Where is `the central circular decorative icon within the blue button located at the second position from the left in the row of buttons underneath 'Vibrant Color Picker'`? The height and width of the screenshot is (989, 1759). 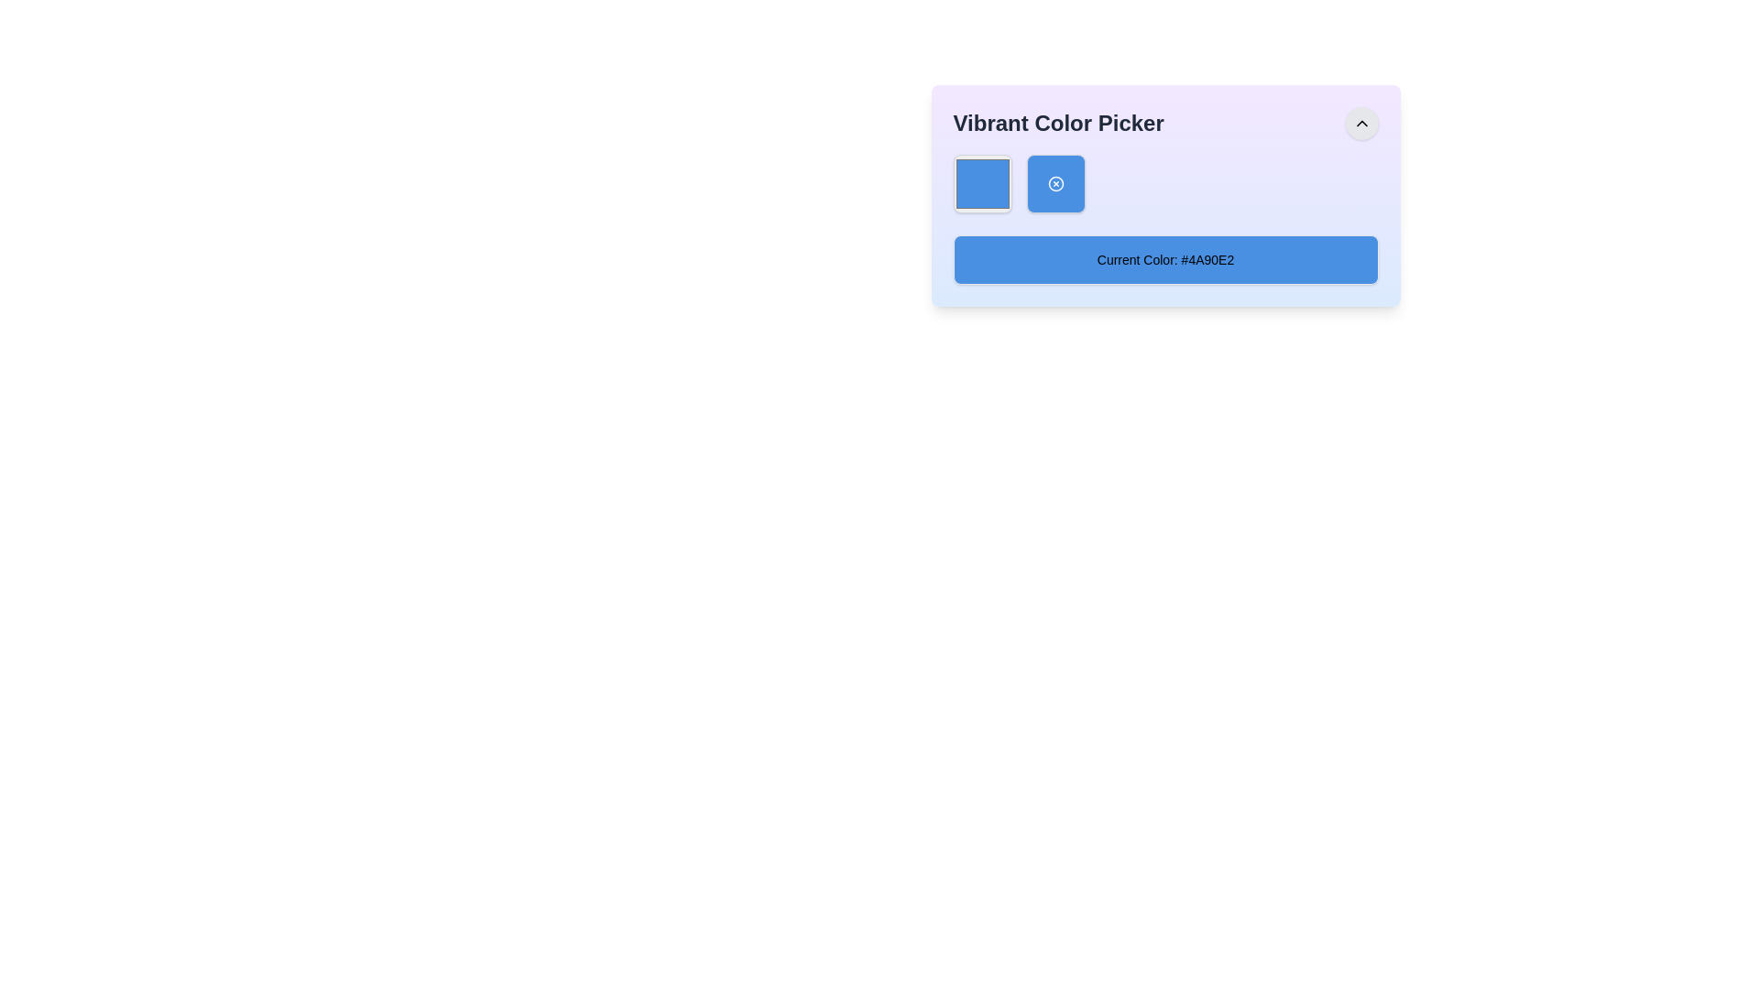 the central circular decorative icon within the blue button located at the second position from the left in the row of buttons underneath 'Vibrant Color Picker' is located at coordinates (1055, 183).